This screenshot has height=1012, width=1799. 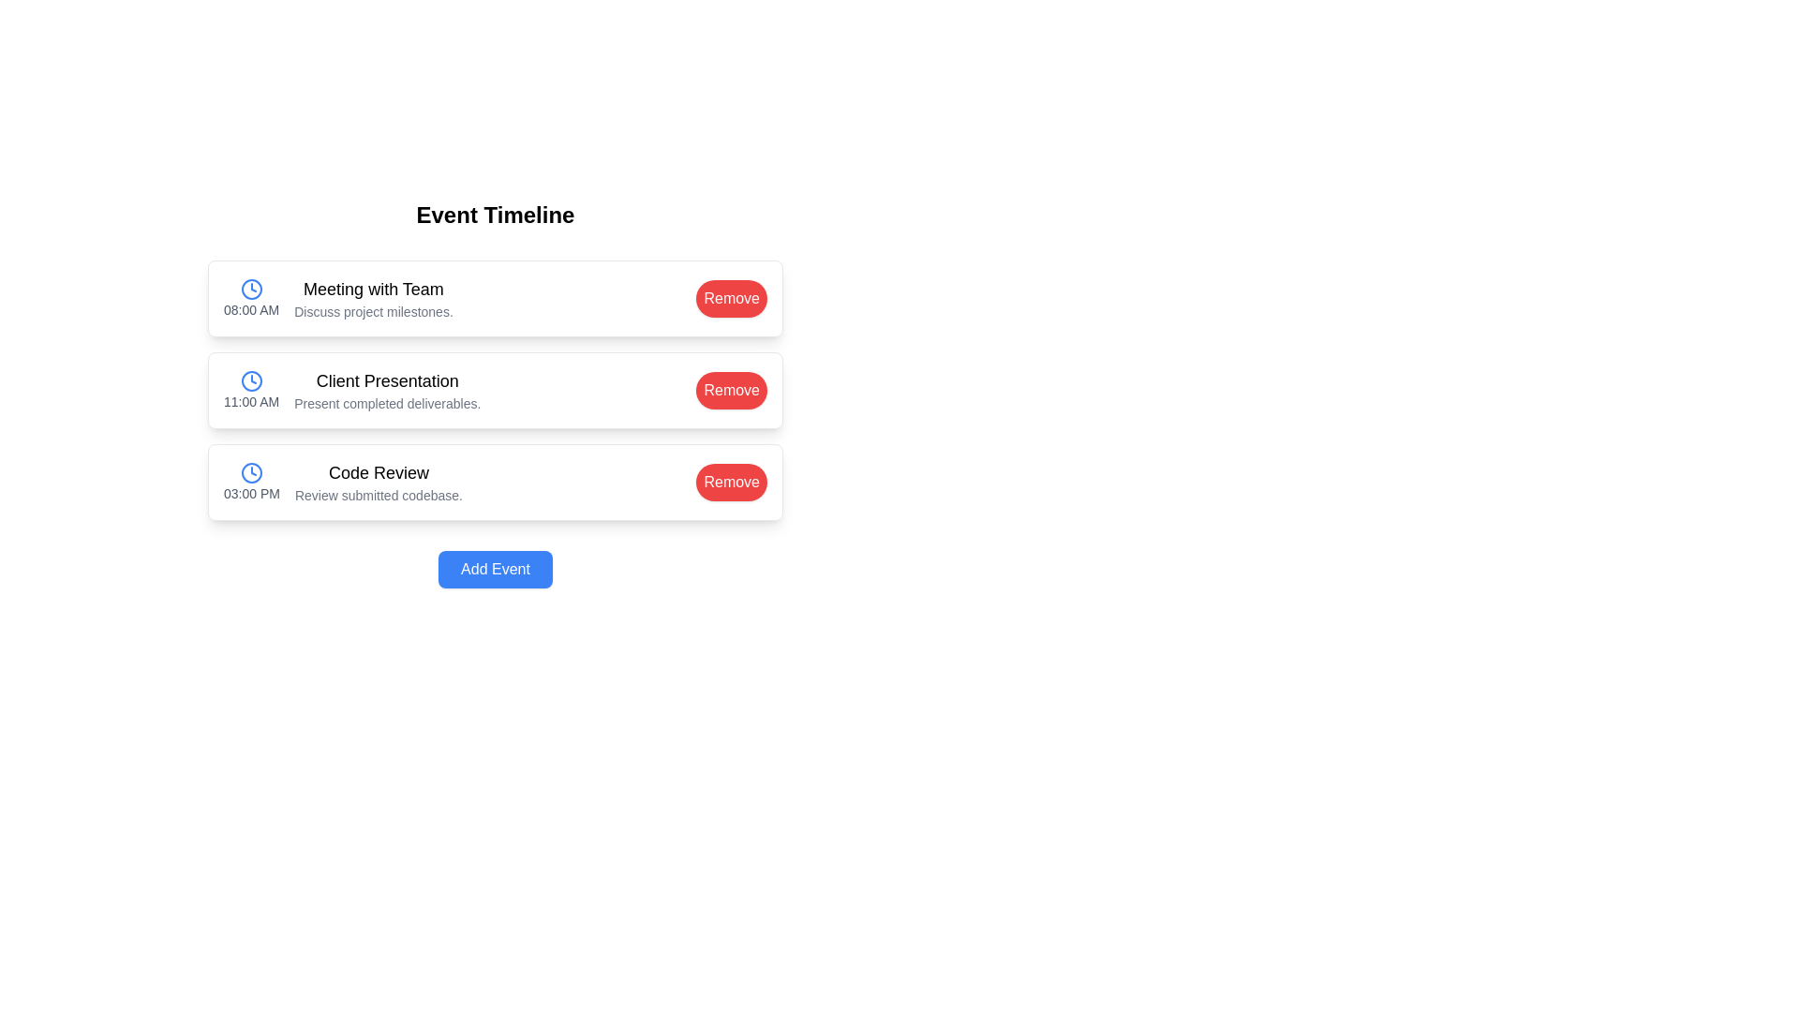 I want to click on the static text element that displays 'Meeting with Team', which is styled as a larger and bold header within the 'Event Timeline' section, so click(x=373, y=289).